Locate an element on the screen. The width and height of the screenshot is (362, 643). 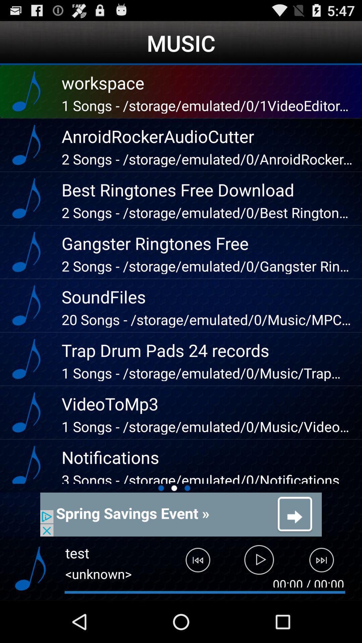
click previous play button is located at coordinates (193, 563).